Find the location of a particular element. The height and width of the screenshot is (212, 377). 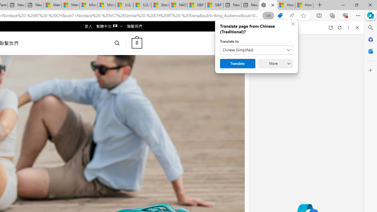

'This site has coupons! Shopping in Microsoft Edge' is located at coordinates (280, 15).